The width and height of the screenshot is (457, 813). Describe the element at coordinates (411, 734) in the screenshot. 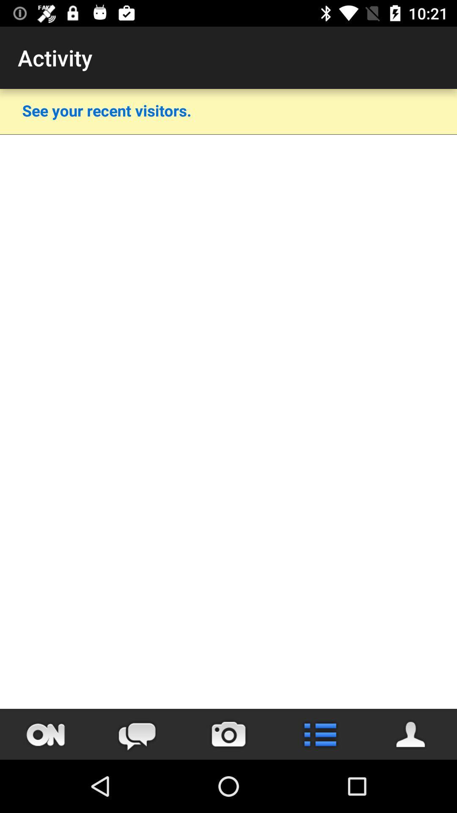

I see `profile` at that location.